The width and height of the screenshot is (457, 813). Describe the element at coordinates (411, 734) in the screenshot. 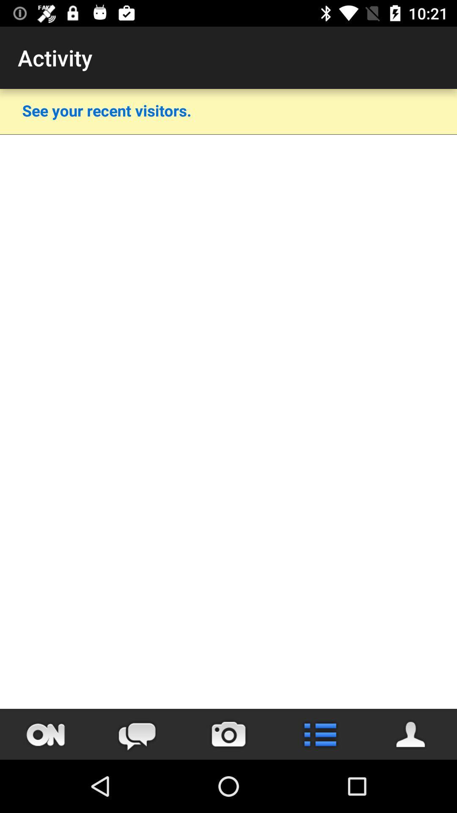

I see `profile` at that location.